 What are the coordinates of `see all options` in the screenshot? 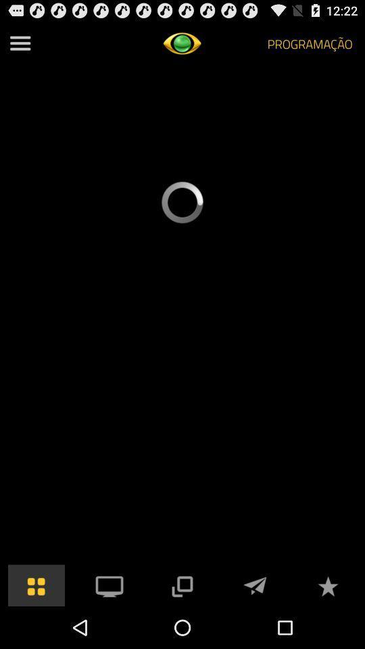 It's located at (20, 43).